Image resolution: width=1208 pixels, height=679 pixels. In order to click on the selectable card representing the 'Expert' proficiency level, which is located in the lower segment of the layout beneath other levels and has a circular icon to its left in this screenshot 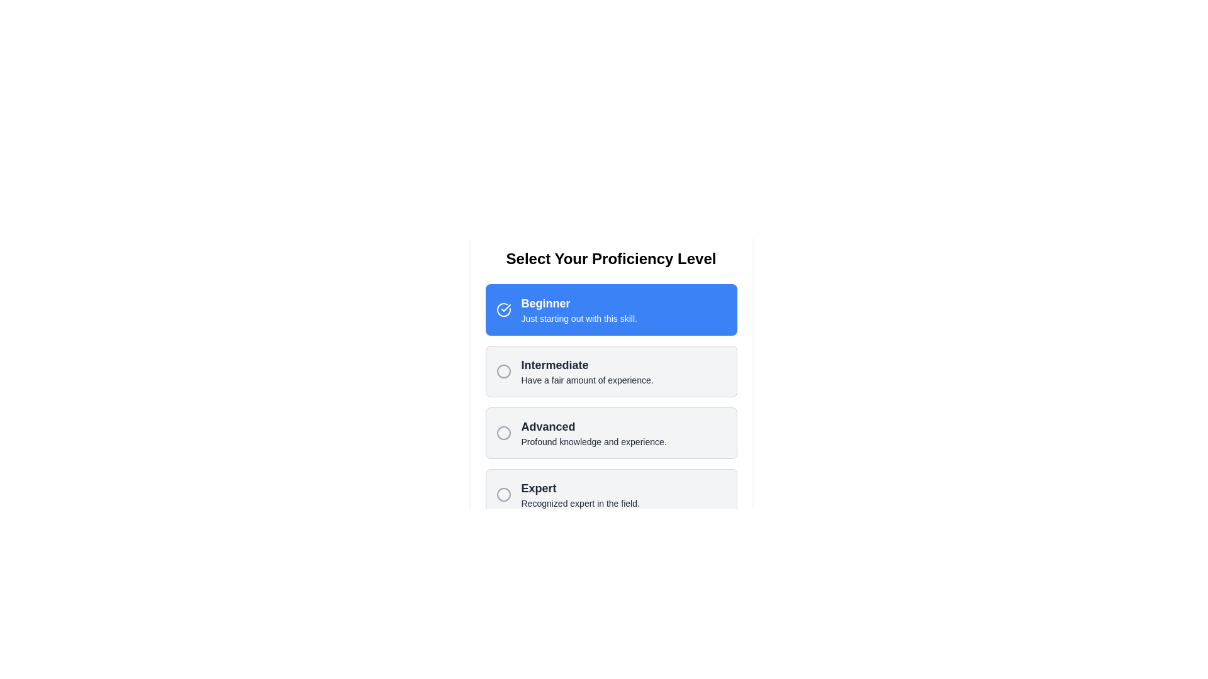, I will do `click(579, 494)`.